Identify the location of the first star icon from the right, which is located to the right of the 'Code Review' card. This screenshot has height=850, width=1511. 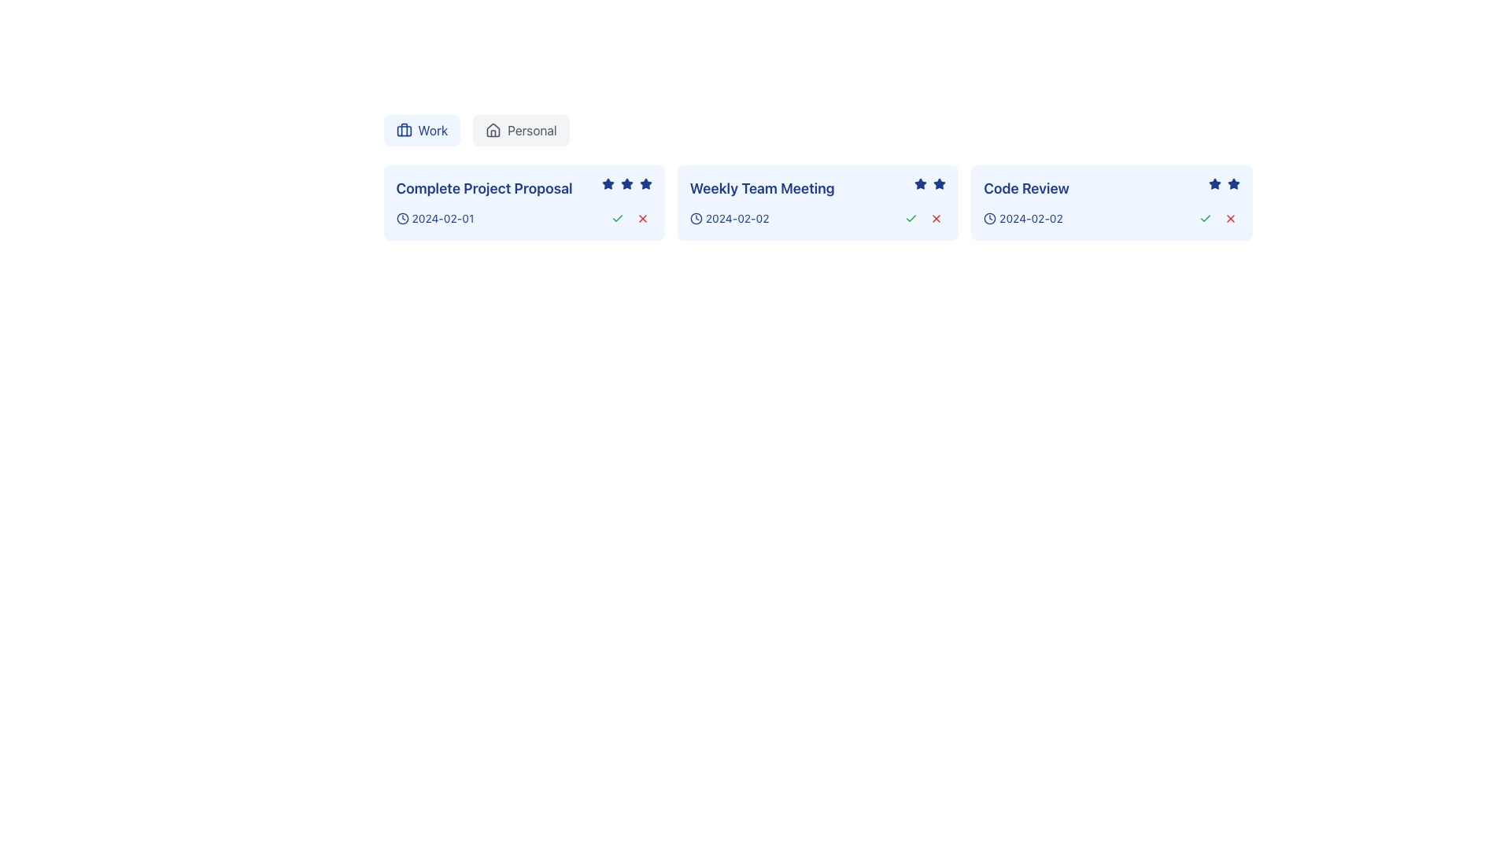
(1214, 183).